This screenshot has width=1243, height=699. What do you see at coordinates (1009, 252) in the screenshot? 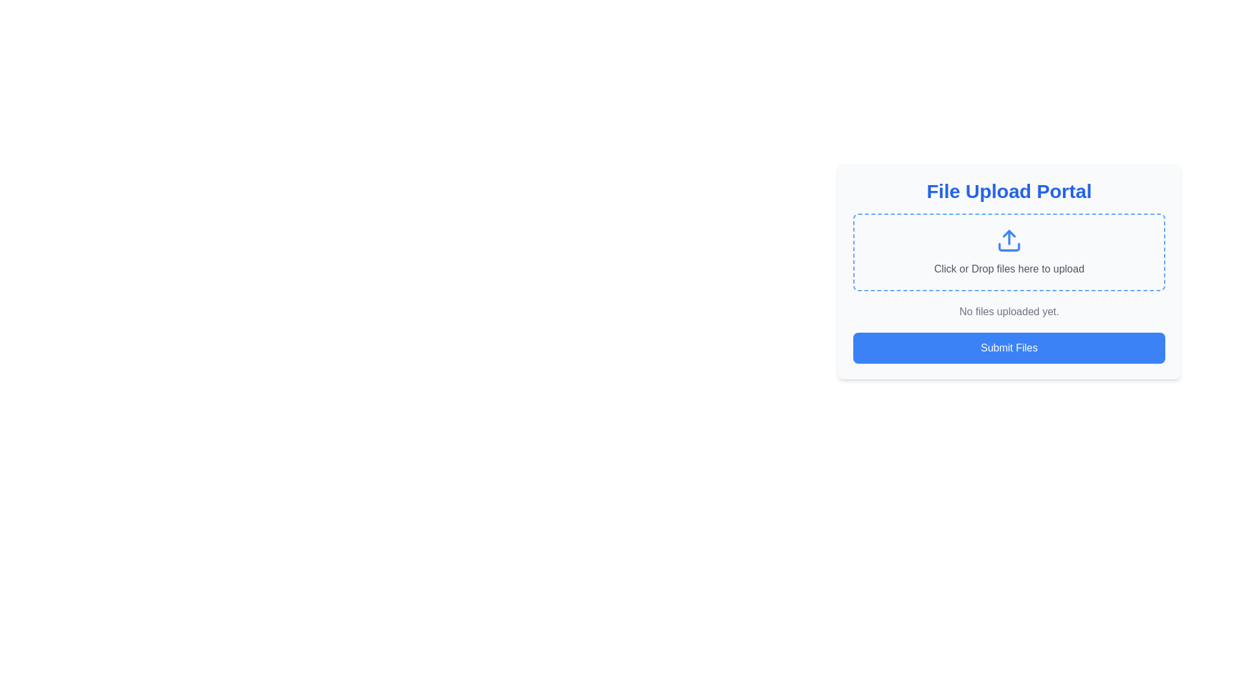
I see `the Interactive file upload dropzone, which has a dashed blue border and the text 'Click or Drop files here to upload'` at bounding box center [1009, 252].